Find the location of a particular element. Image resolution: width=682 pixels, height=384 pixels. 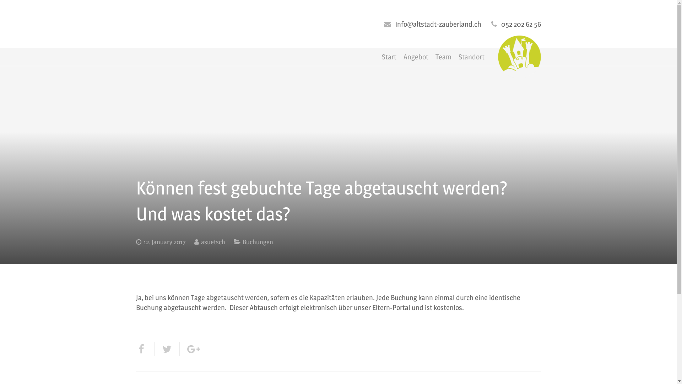

'Team' is located at coordinates (431, 56).